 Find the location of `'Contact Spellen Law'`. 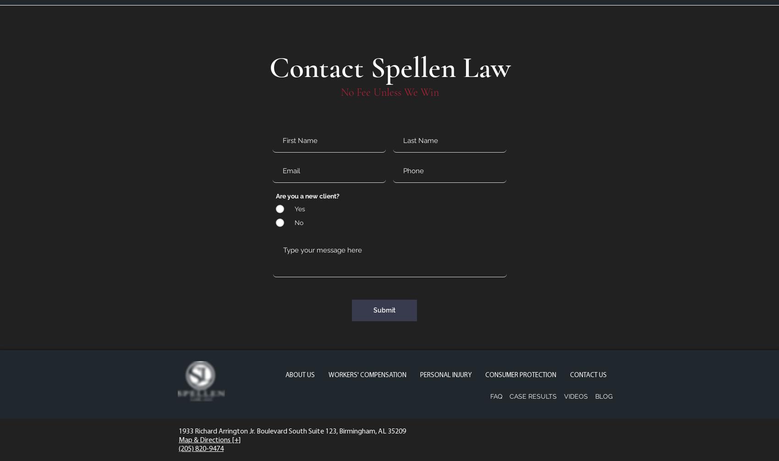

'Contact Spellen Law' is located at coordinates (389, 67).